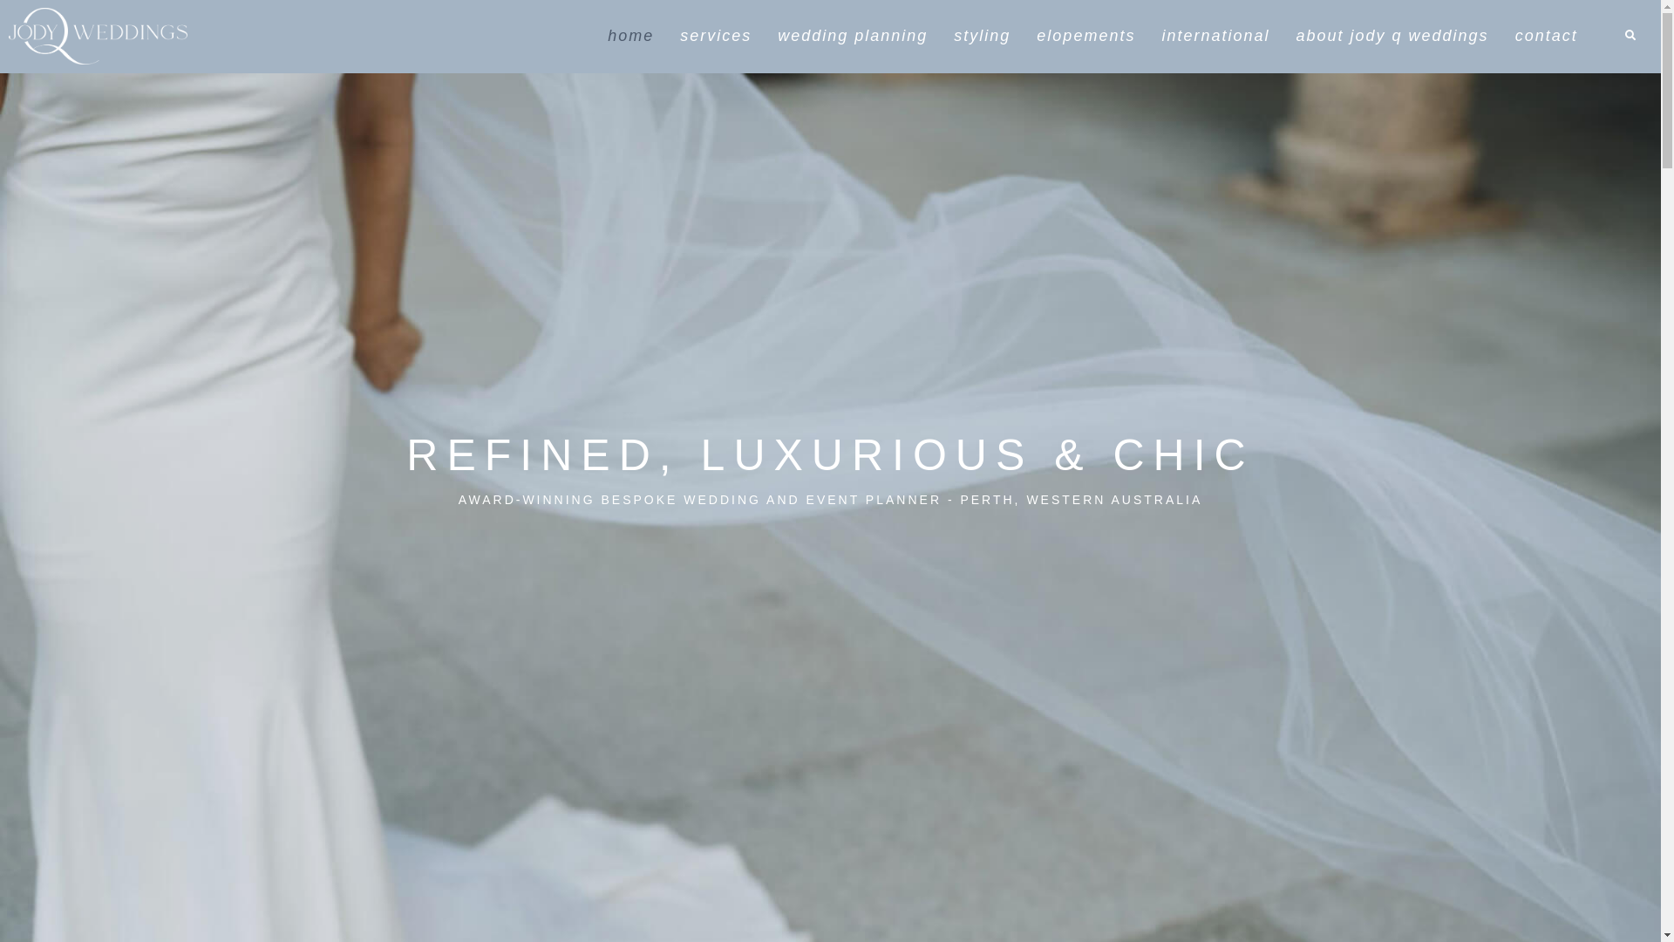 The height and width of the screenshot is (942, 1674). What do you see at coordinates (1547, 36) in the screenshot?
I see `'contact'` at bounding box center [1547, 36].